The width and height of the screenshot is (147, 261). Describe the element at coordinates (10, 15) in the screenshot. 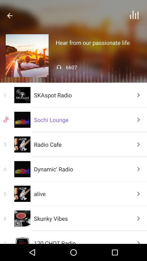

I see `the arrow_backward icon` at that location.